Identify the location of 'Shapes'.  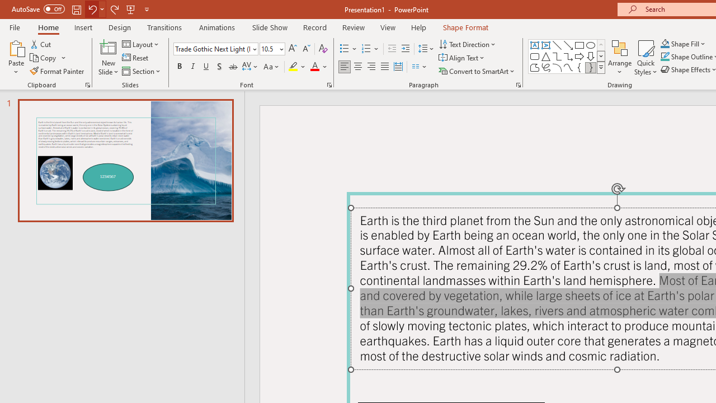
(600, 67).